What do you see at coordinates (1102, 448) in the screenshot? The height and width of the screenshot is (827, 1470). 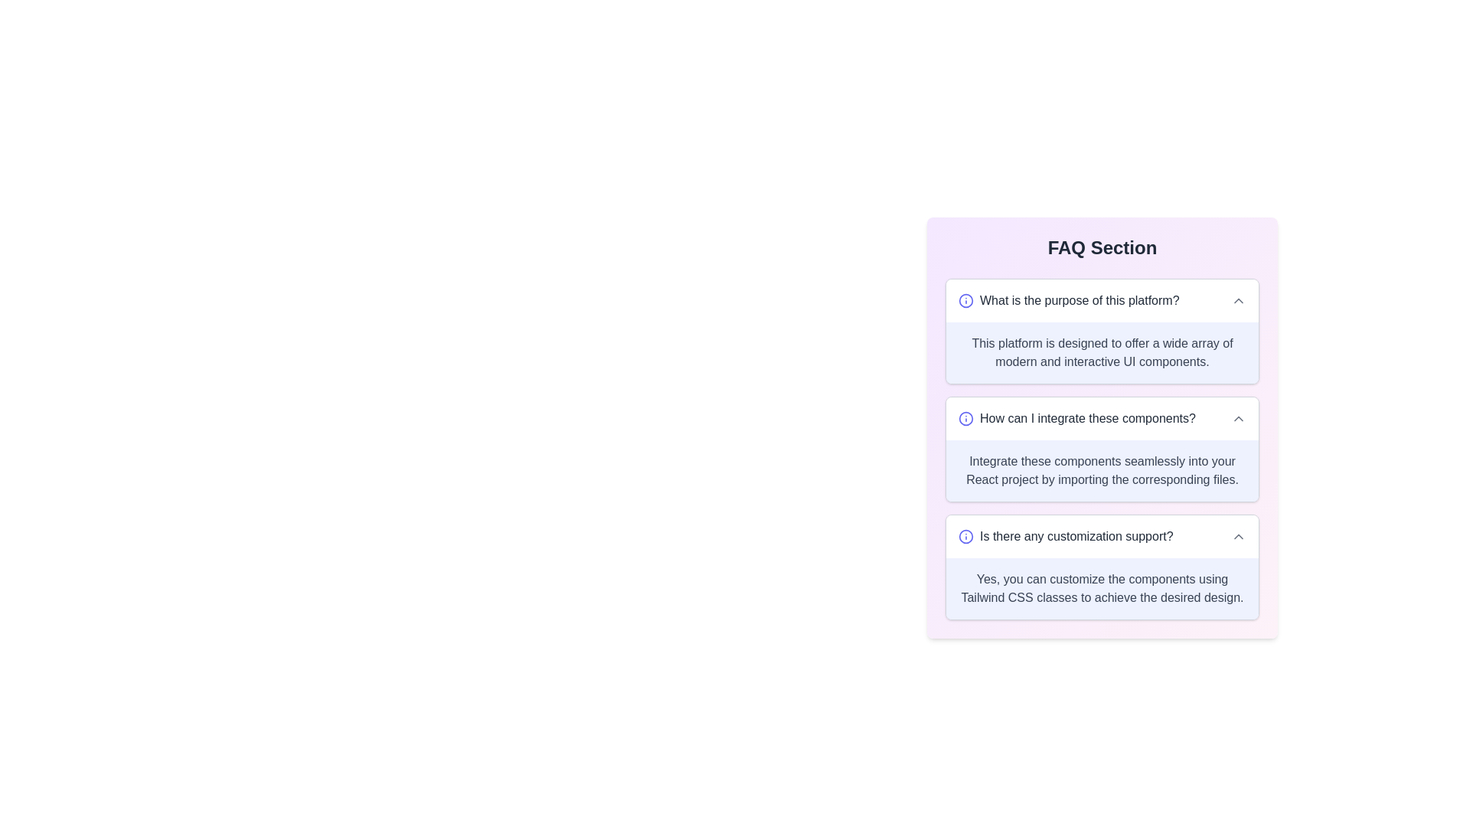 I see `the question within the Interactive FAQ item group` at bounding box center [1102, 448].